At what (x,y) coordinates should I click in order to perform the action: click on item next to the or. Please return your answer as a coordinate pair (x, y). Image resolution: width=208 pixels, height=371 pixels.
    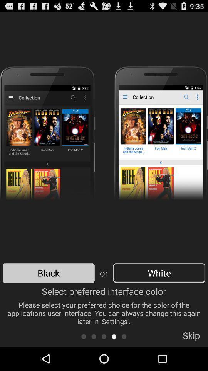
    Looking at the image, I should click on (159, 273).